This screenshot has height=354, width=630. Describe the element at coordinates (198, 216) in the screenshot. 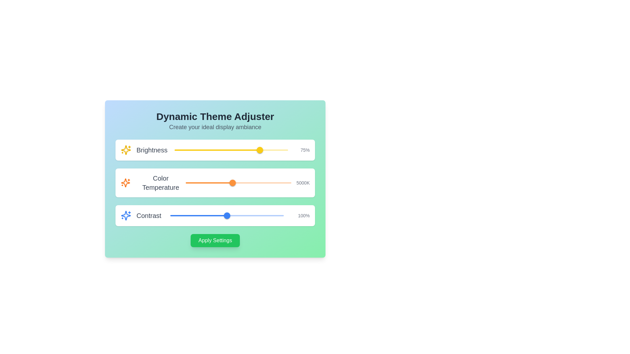

I see `the horizontal progress track of the third slider labeled 'Contrast', which is visually represented as a filled red track indicating progress` at that location.